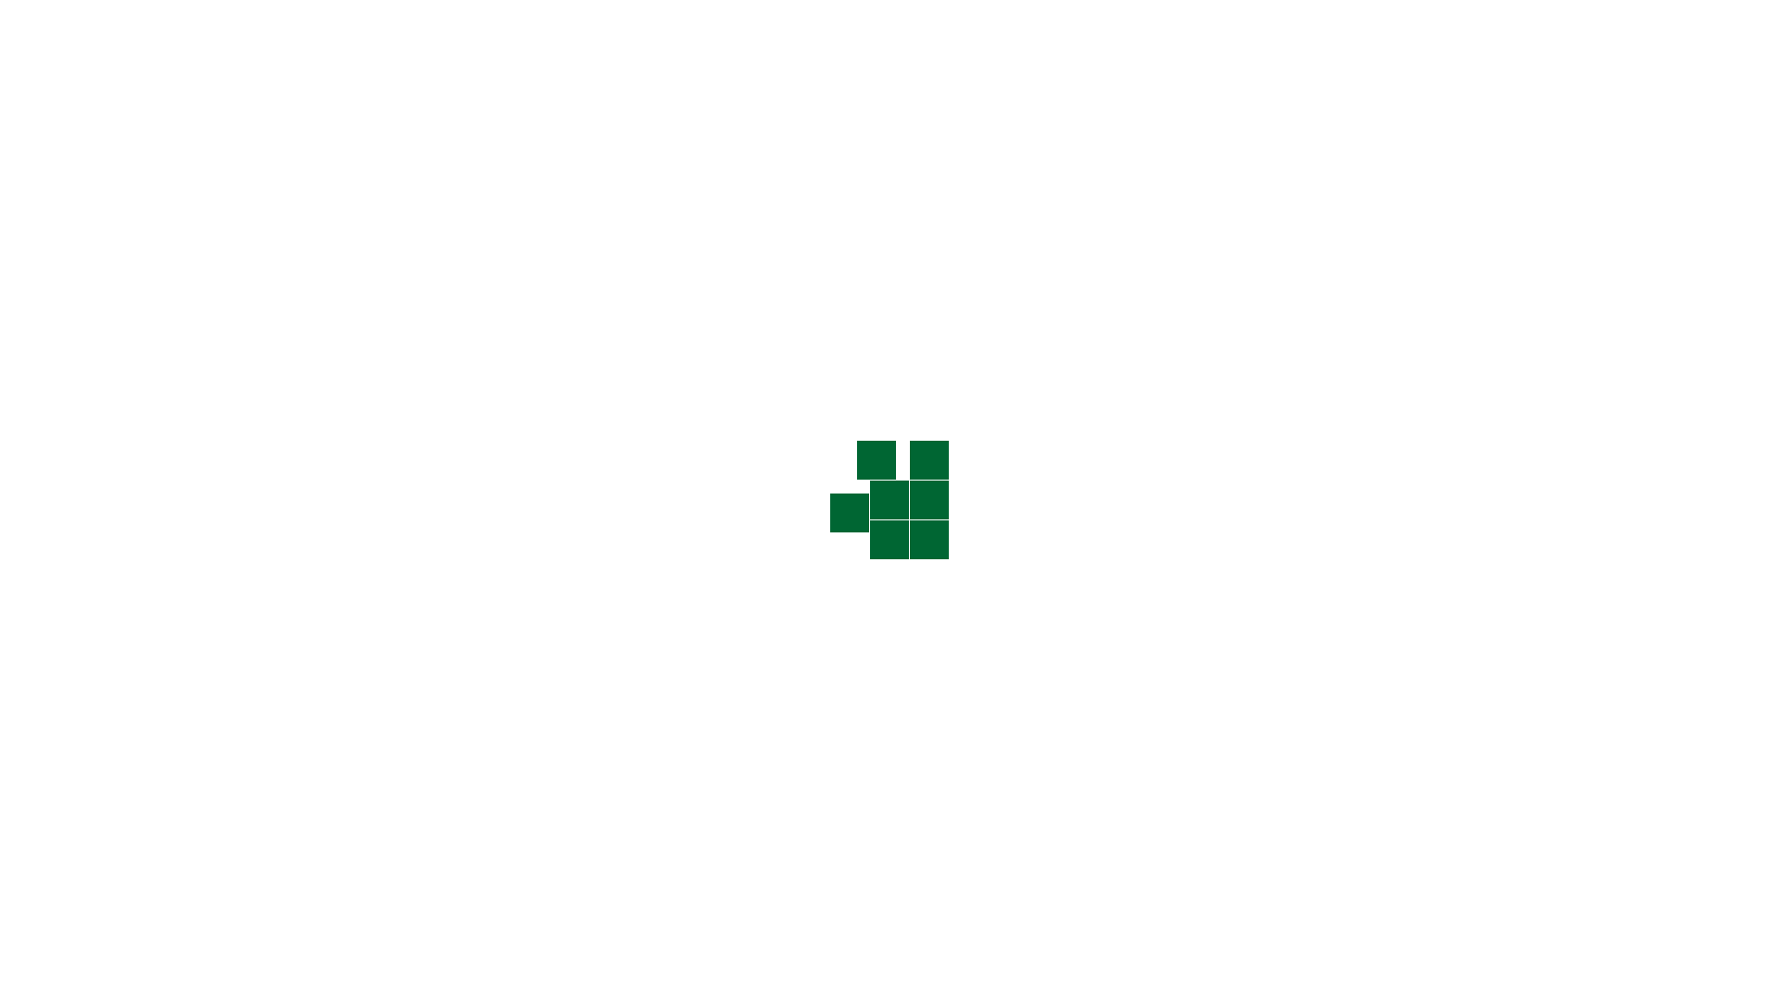 The height and width of the screenshot is (1000, 1779). I want to click on 'GALLERY', so click(927, 78).